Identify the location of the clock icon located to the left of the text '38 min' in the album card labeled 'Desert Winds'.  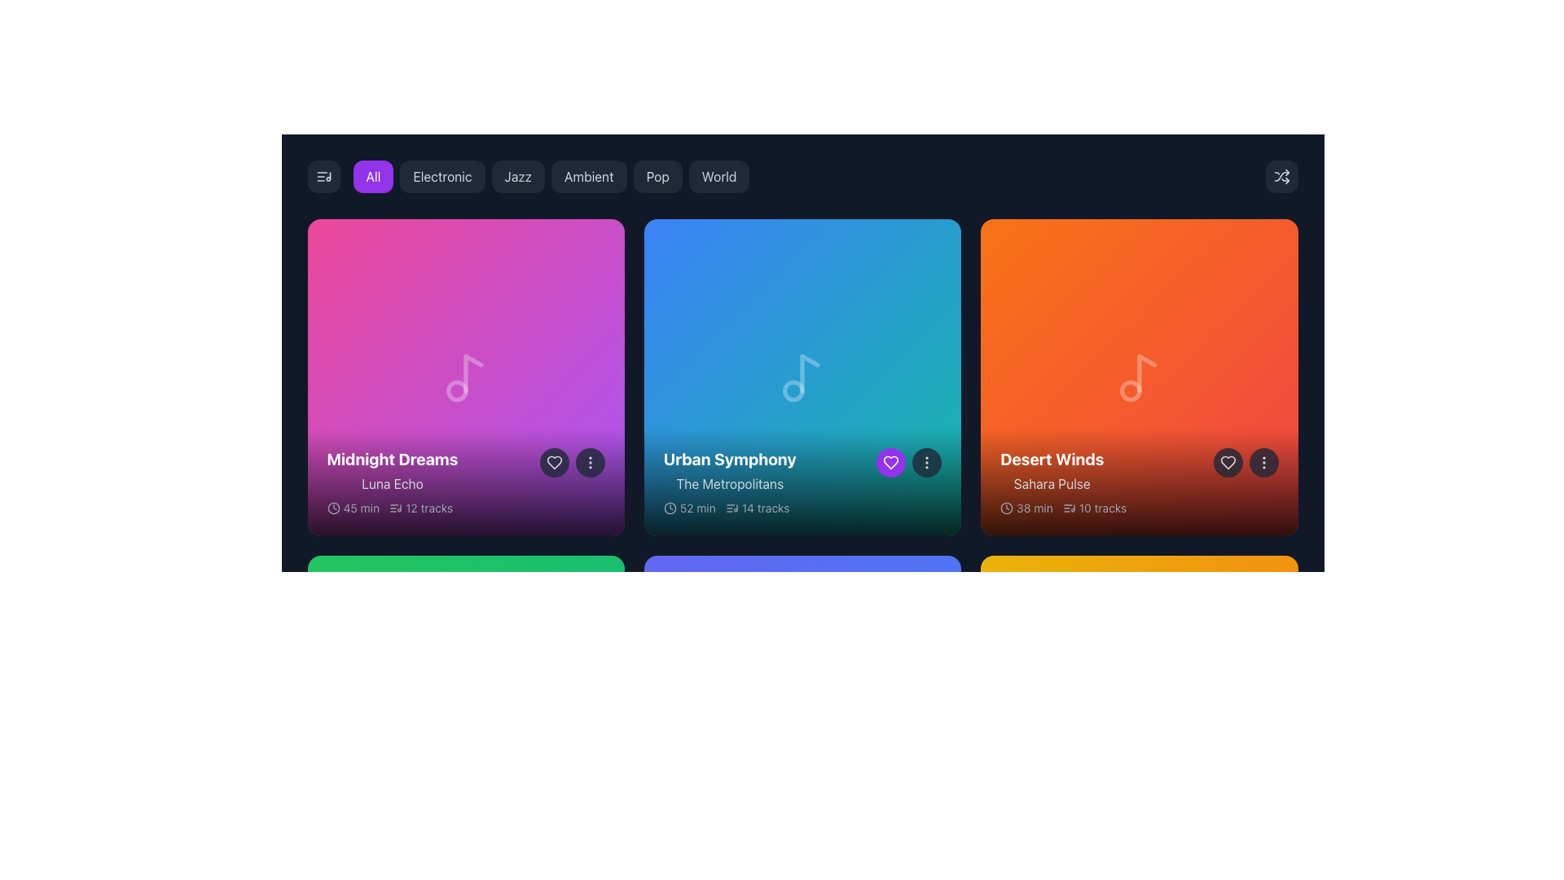
(1006, 508).